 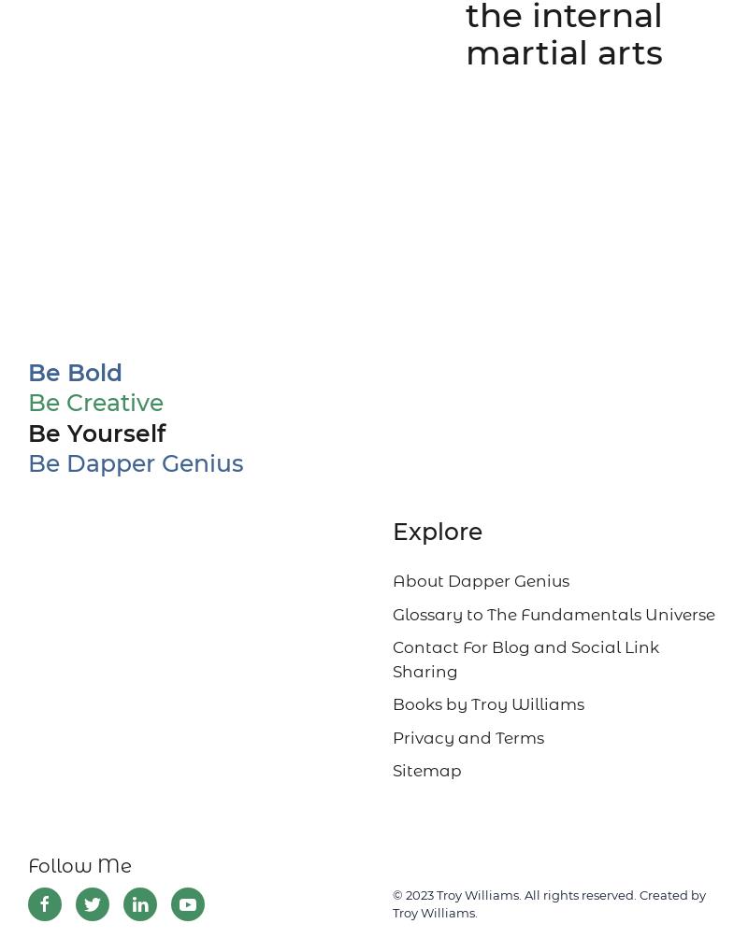 What do you see at coordinates (393, 529) in the screenshot?
I see `'Explore'` at bounding box center [393, 529].